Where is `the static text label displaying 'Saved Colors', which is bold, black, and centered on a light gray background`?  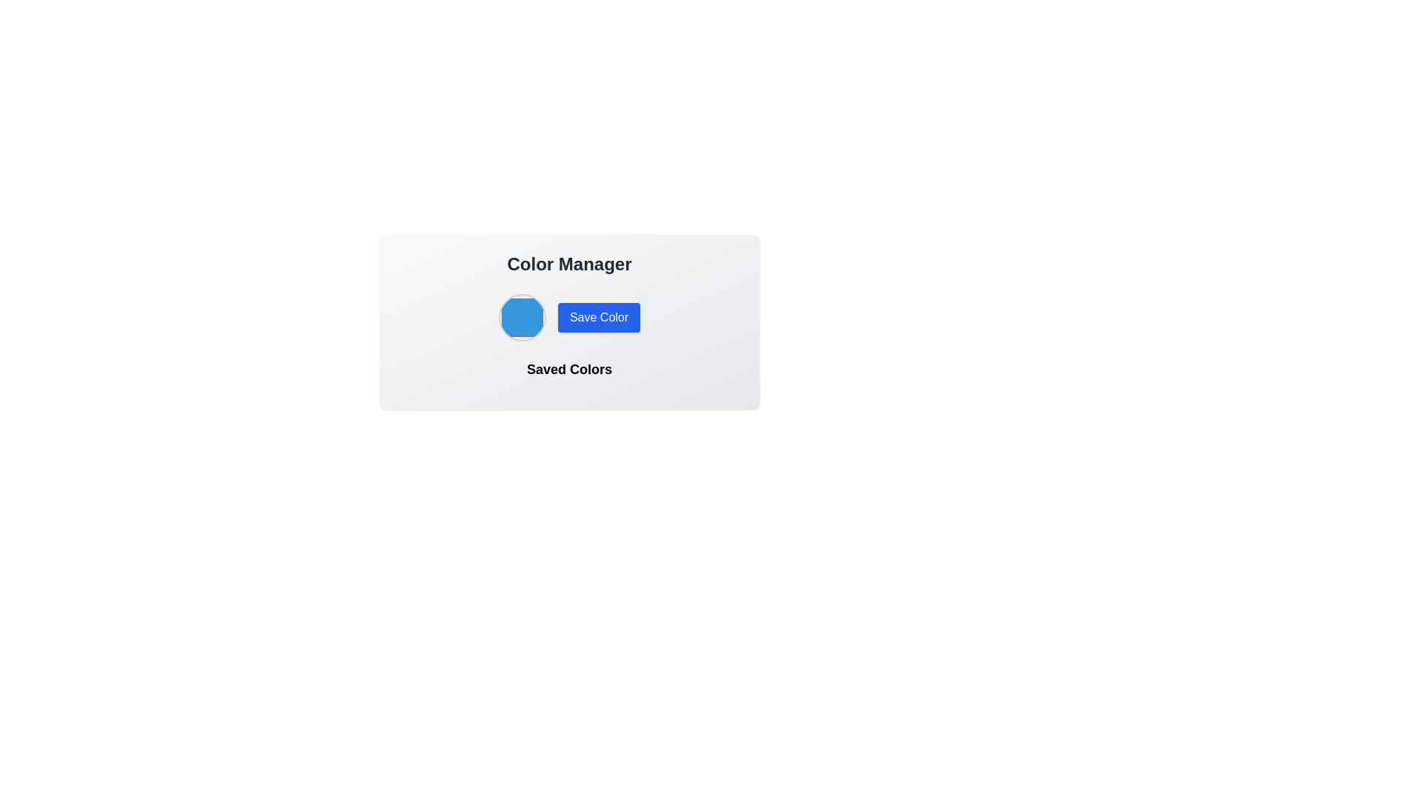 the static text label displaying 'Saved Colors', which is bold, black, and centered on a light gray background is located at coordinates (568, 368).